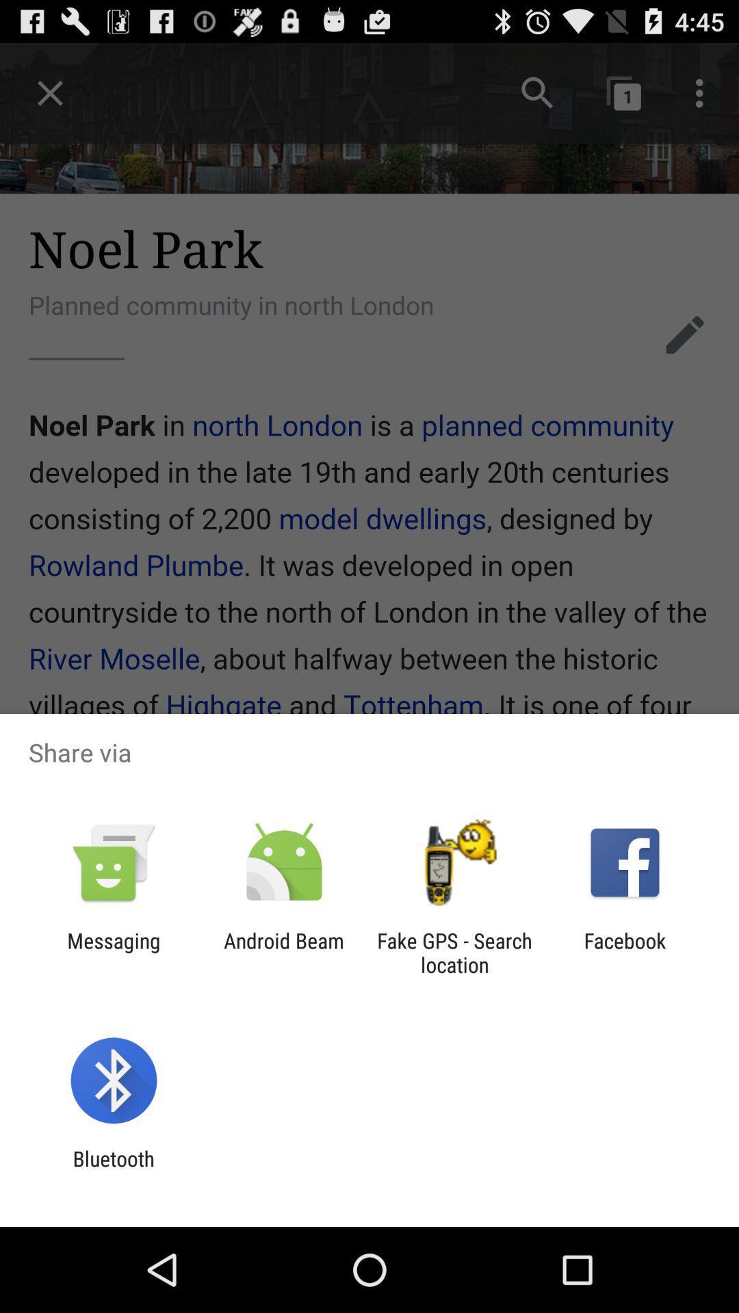 The height and width of the screenshot is (1313, 739). I want to click on bluetooth item, so click(113, 1170).